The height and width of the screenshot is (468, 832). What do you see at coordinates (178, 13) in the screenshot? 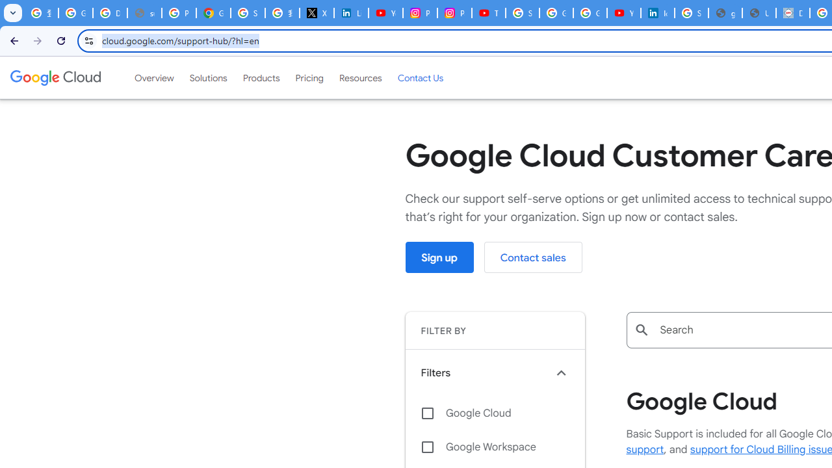
I see `'Privacy Help Center - Policies Help'` at bounding box center [178, 13].